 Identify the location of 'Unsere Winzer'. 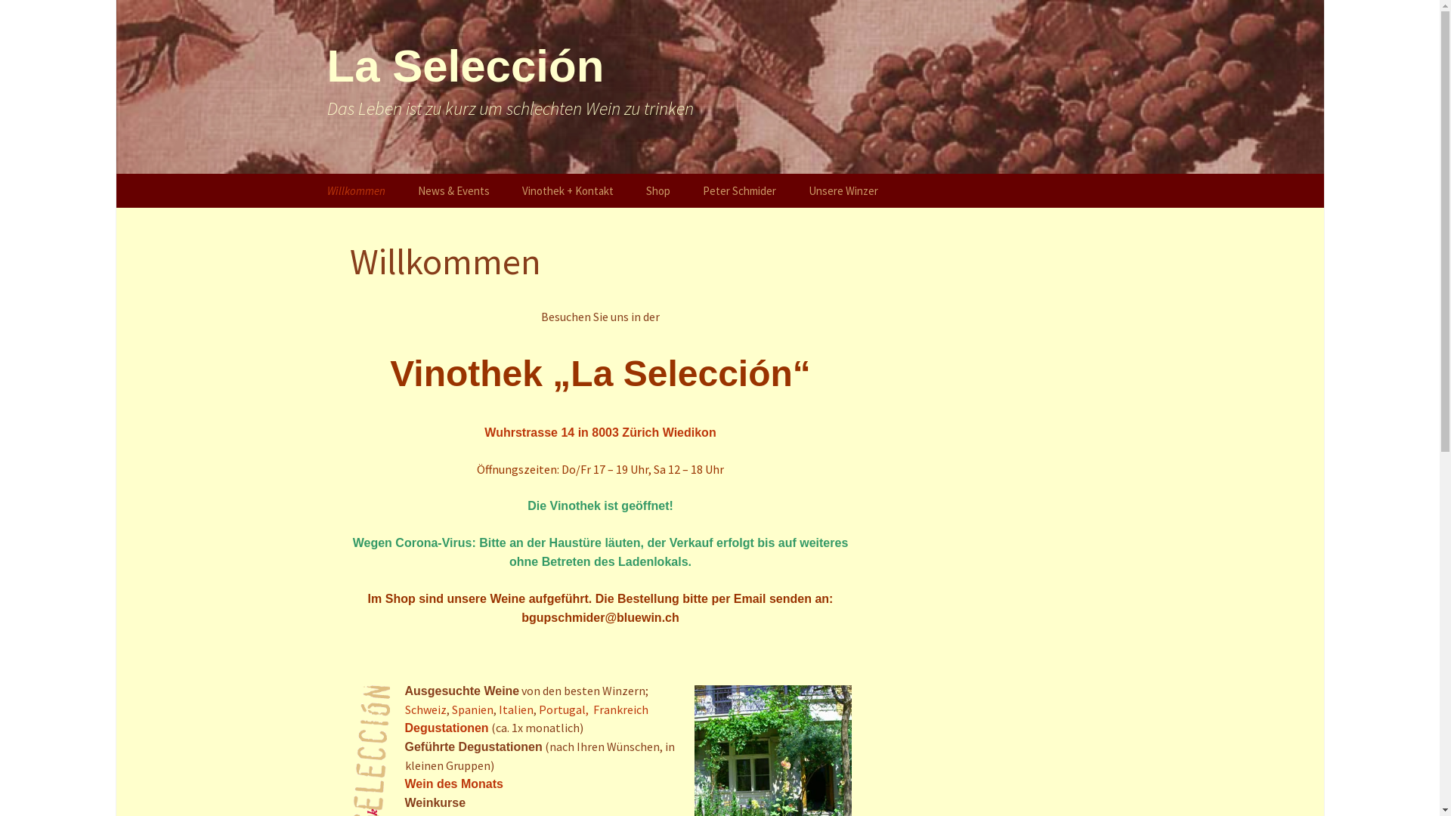
(843, 190).